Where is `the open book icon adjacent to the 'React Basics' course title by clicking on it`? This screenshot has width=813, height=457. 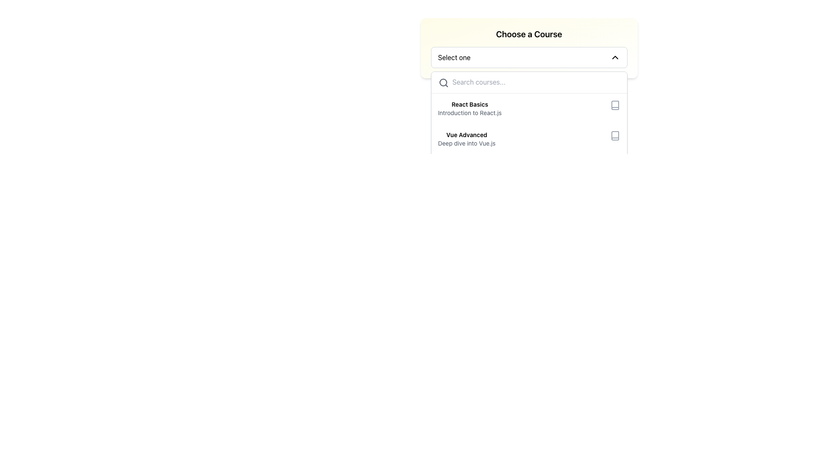
the open book icon adjacent to the 'React Basics' course title by clicking on it is located at coordinates (615, 105).